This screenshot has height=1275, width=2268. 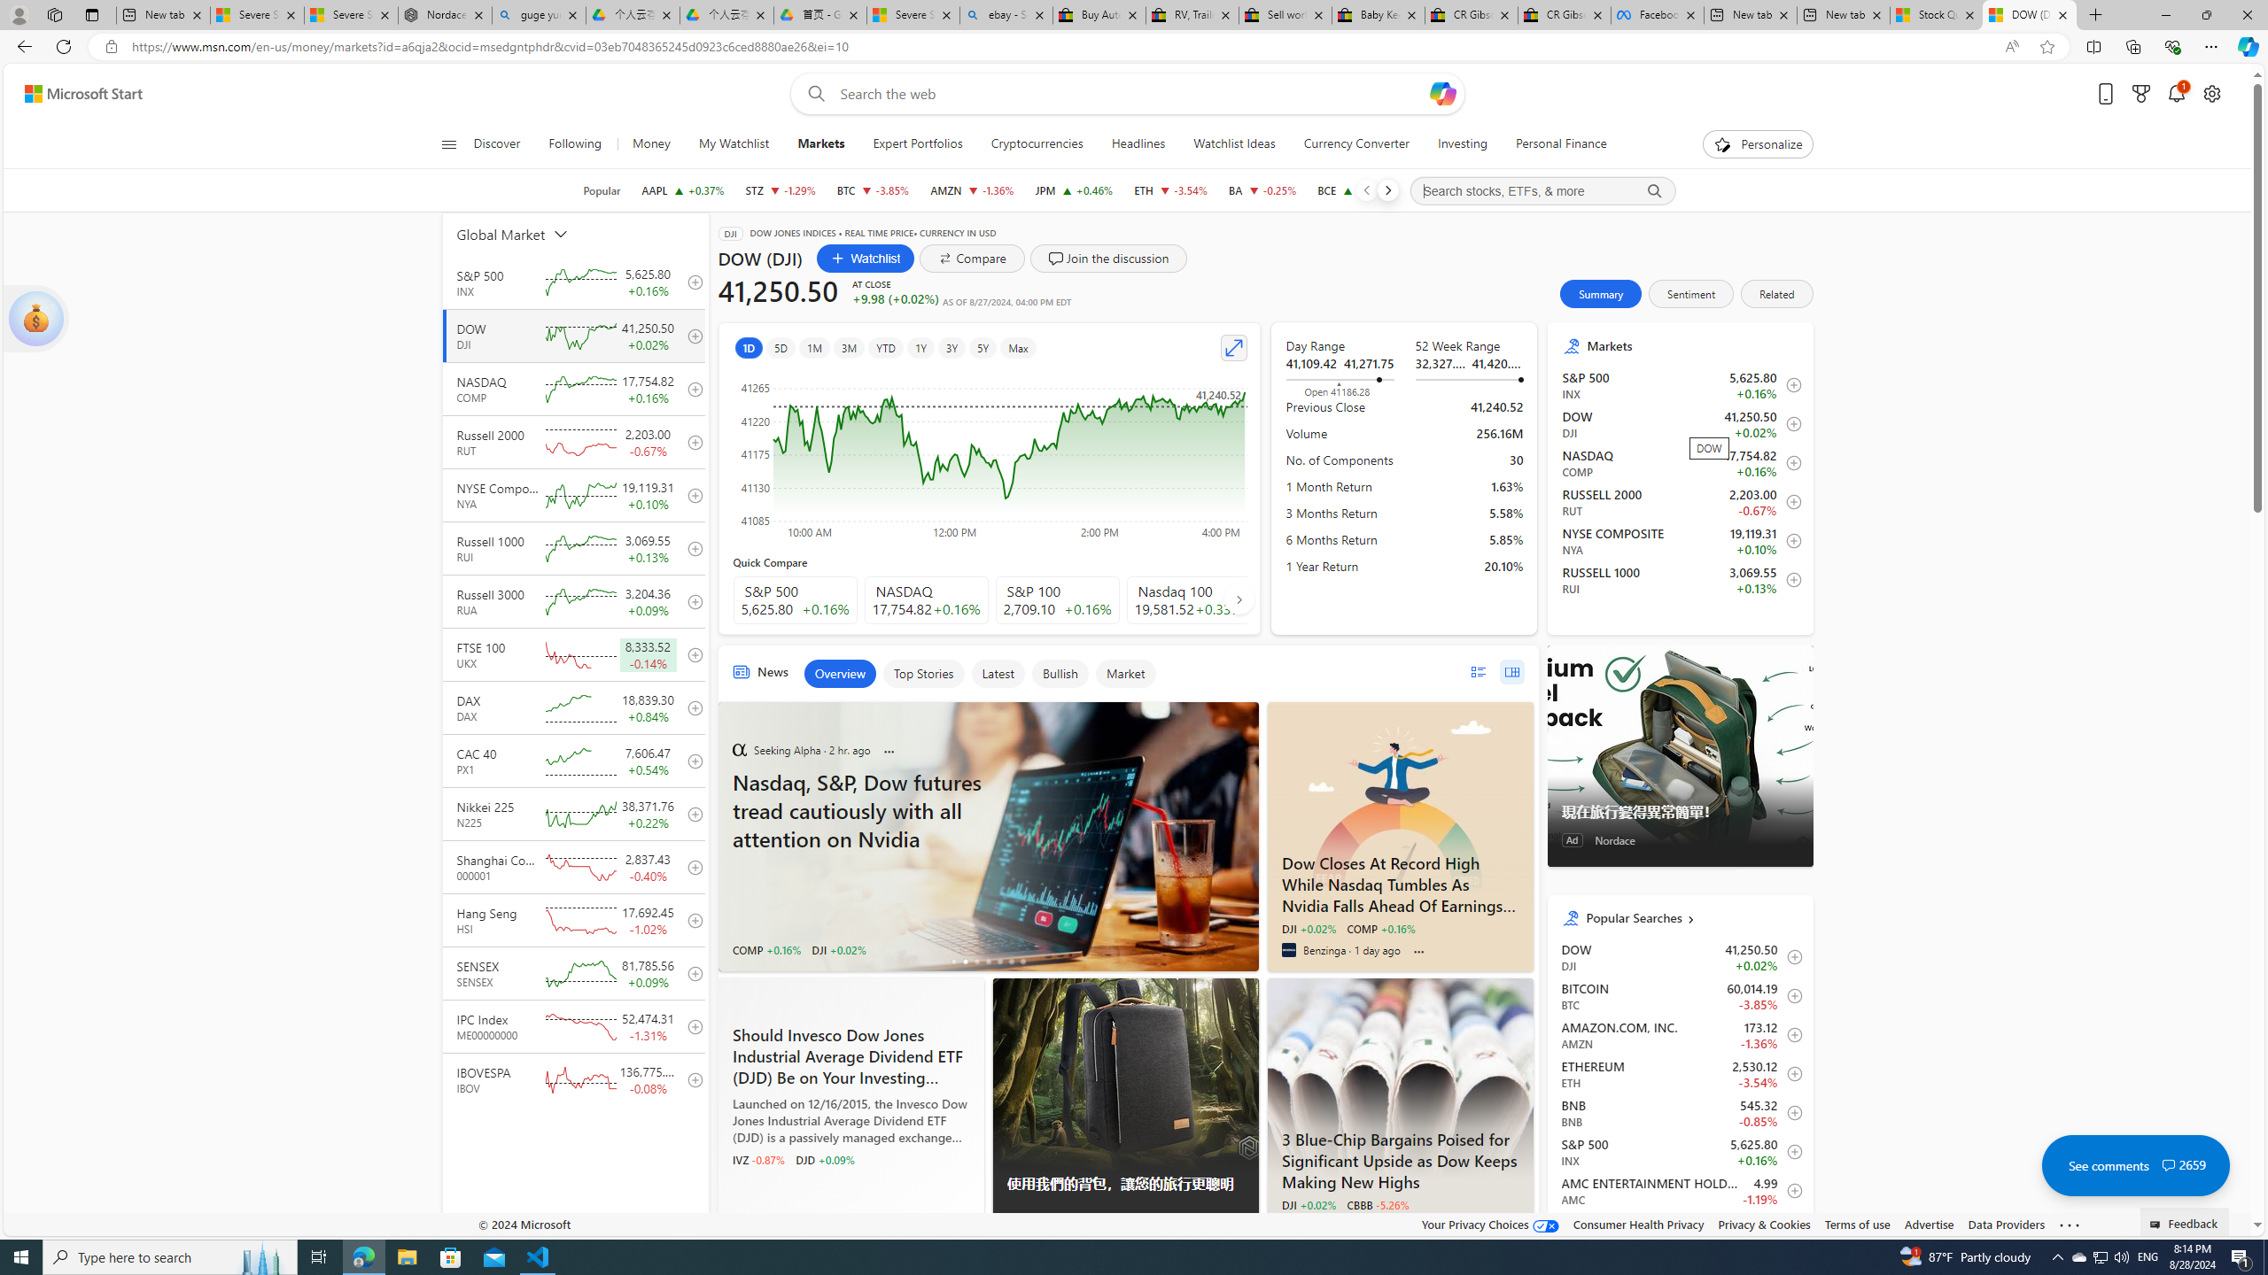 What do you see at coordinates (917, 143) in the screenshot?
I see `'Expert Portfolios'` at bounding box center [917, 143].